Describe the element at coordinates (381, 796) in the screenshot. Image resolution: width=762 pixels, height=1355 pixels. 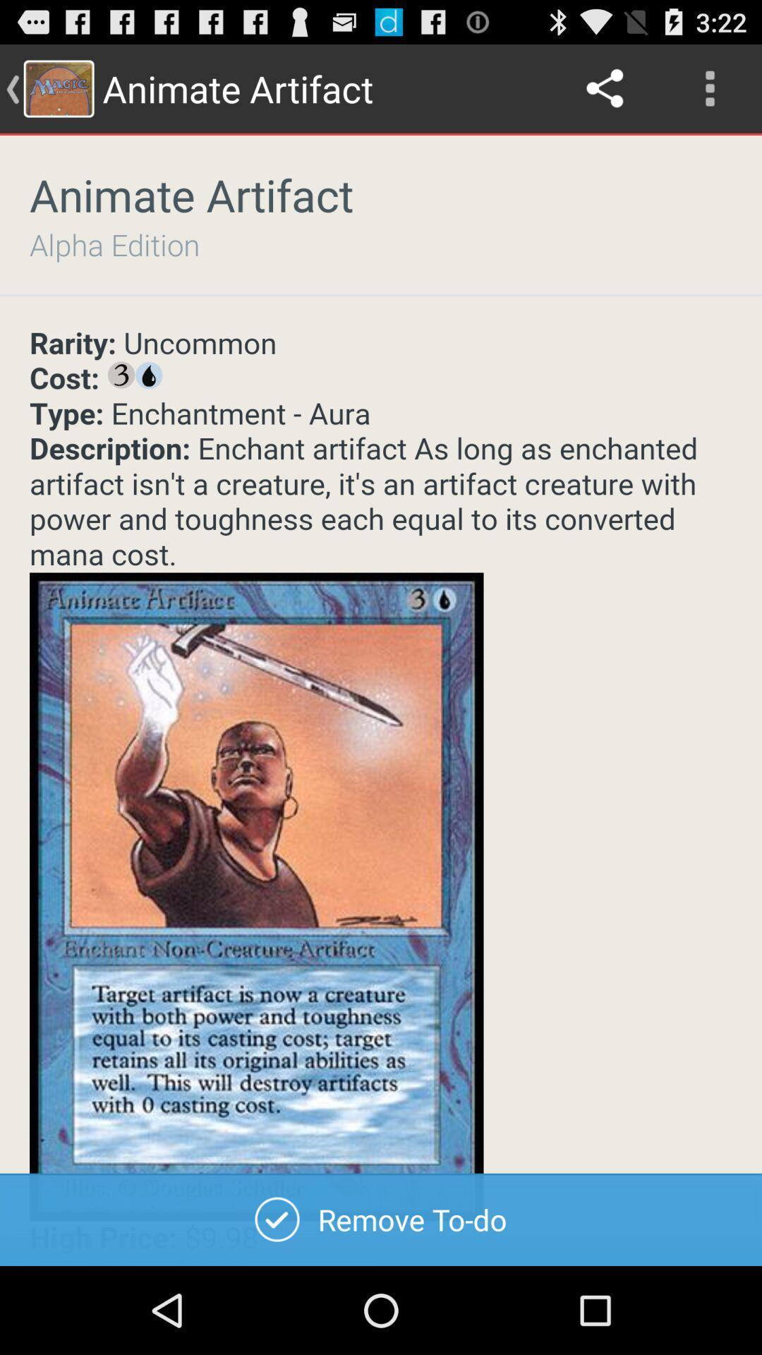
I see `item at the center` at that location.